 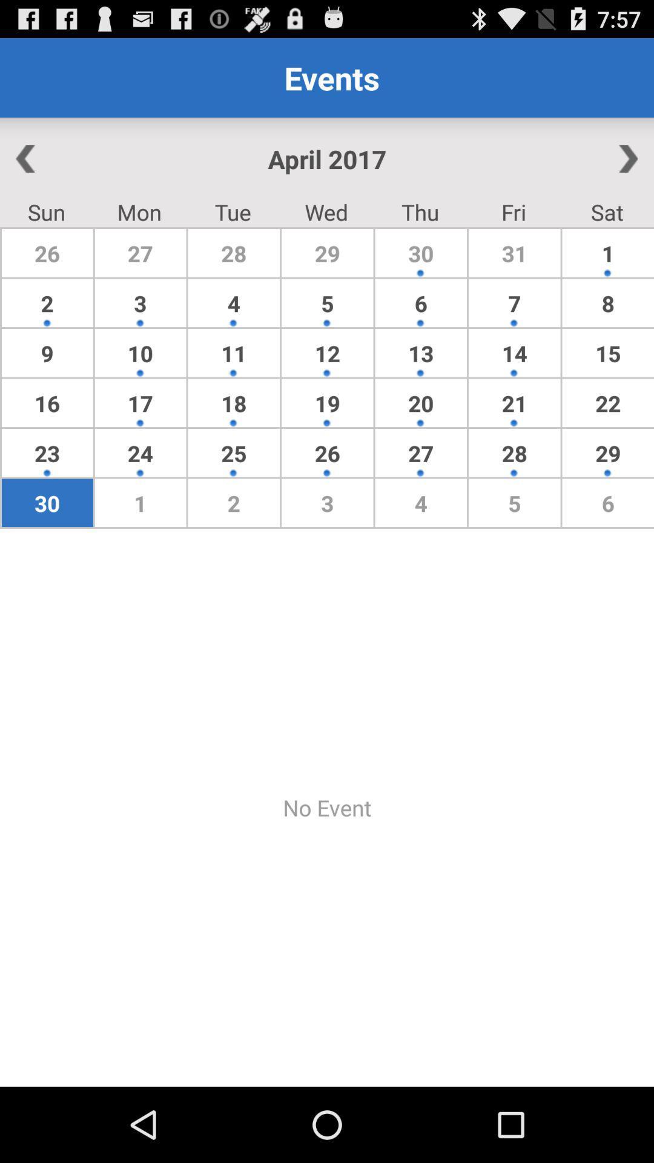 What do you see at coordinates (514, 303) in the screenshot?
I see `the app to the right of 30 item` at bounding box center [514, 303].